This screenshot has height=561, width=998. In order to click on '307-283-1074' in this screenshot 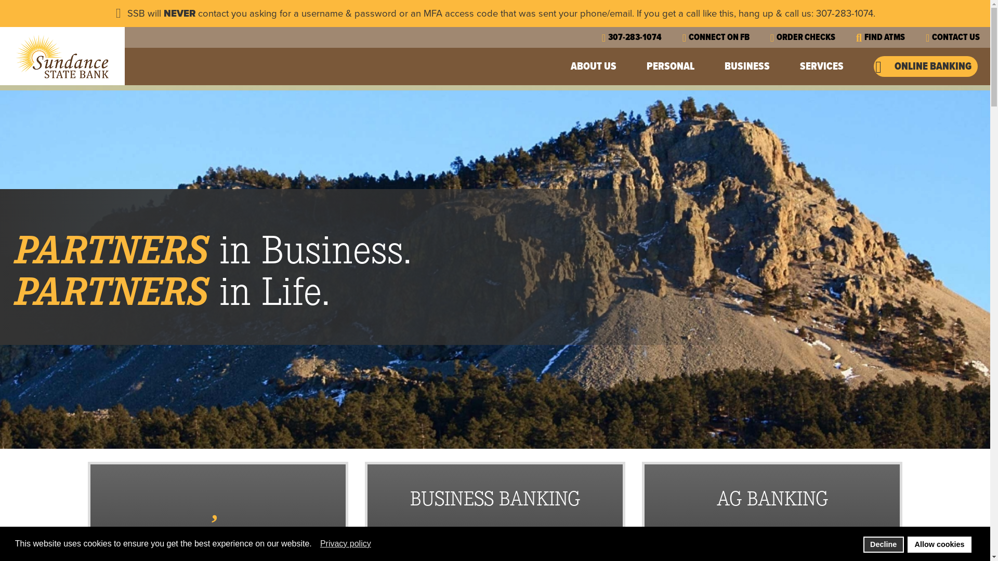, I will do `click(631, 36)`.